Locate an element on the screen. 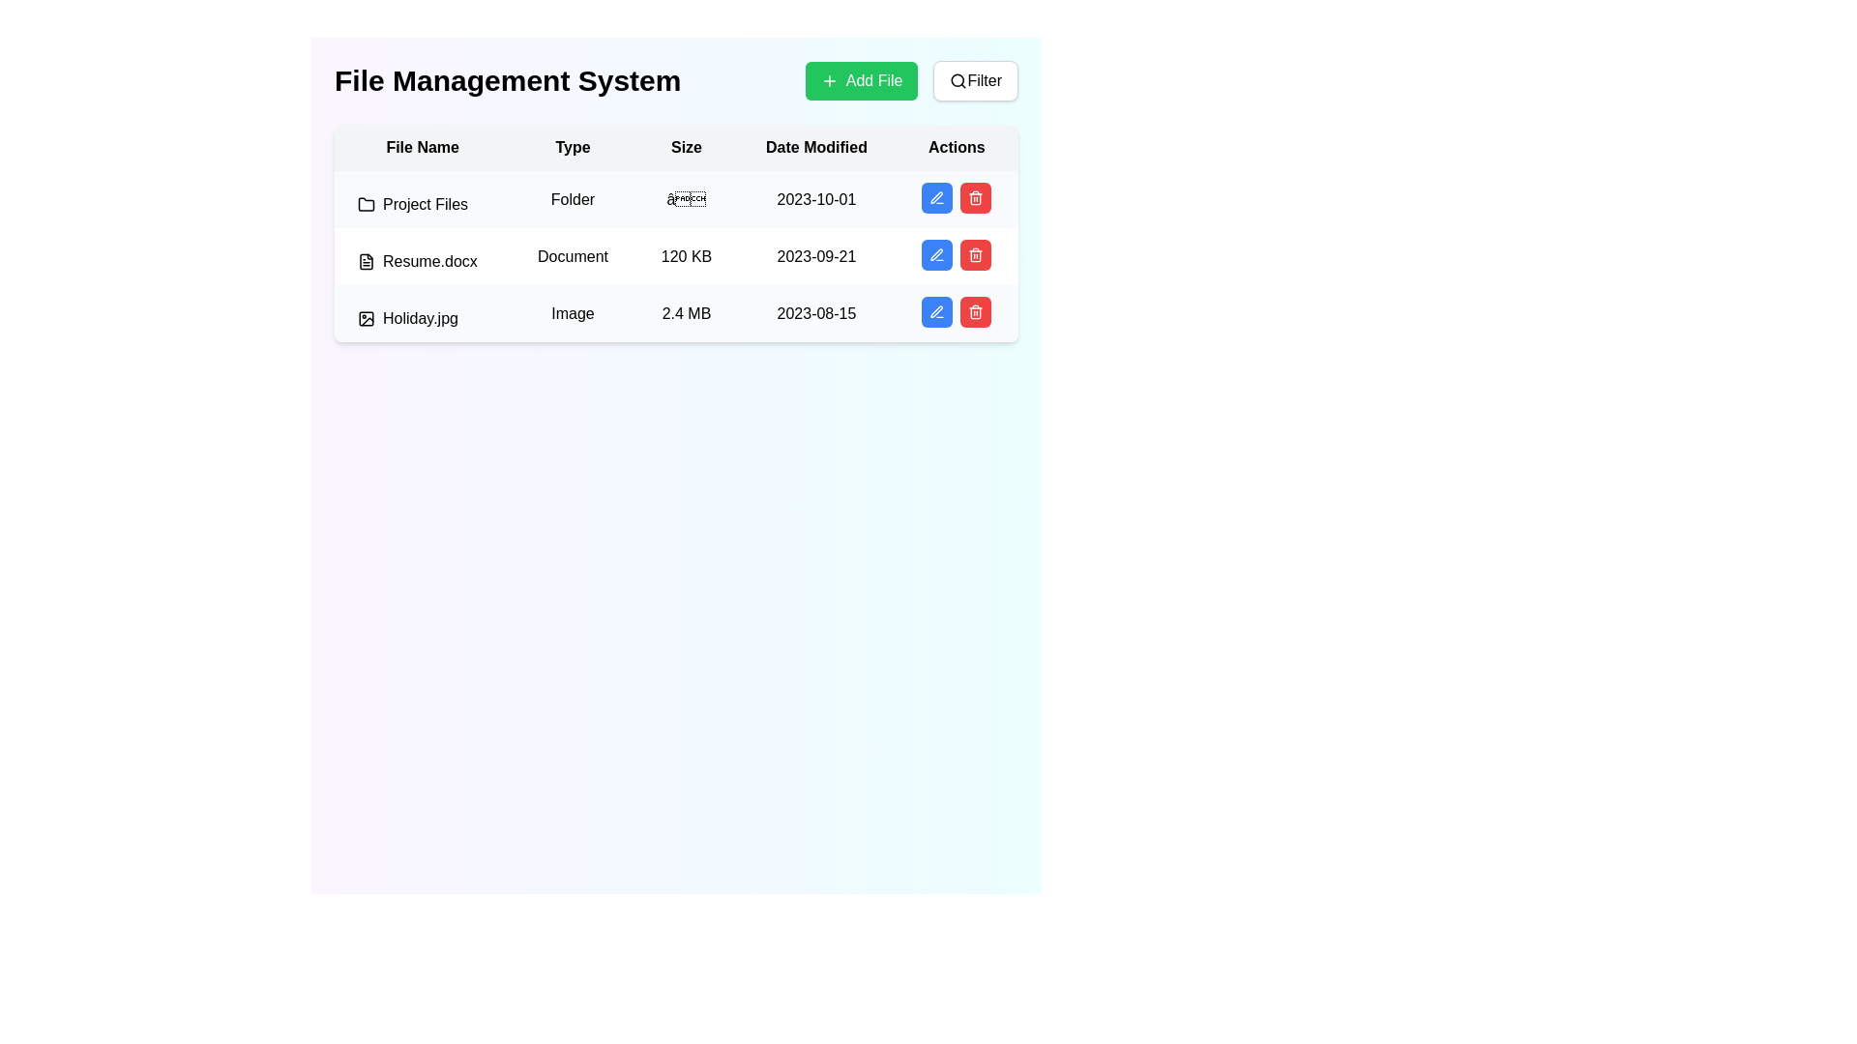  the 'Project Files' folder item located is located at coordinates (421, 205).